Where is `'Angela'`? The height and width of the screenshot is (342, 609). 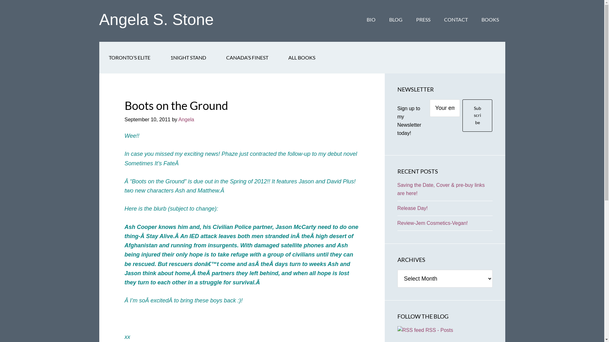
'Angela' is located at coordinates (186, 119).